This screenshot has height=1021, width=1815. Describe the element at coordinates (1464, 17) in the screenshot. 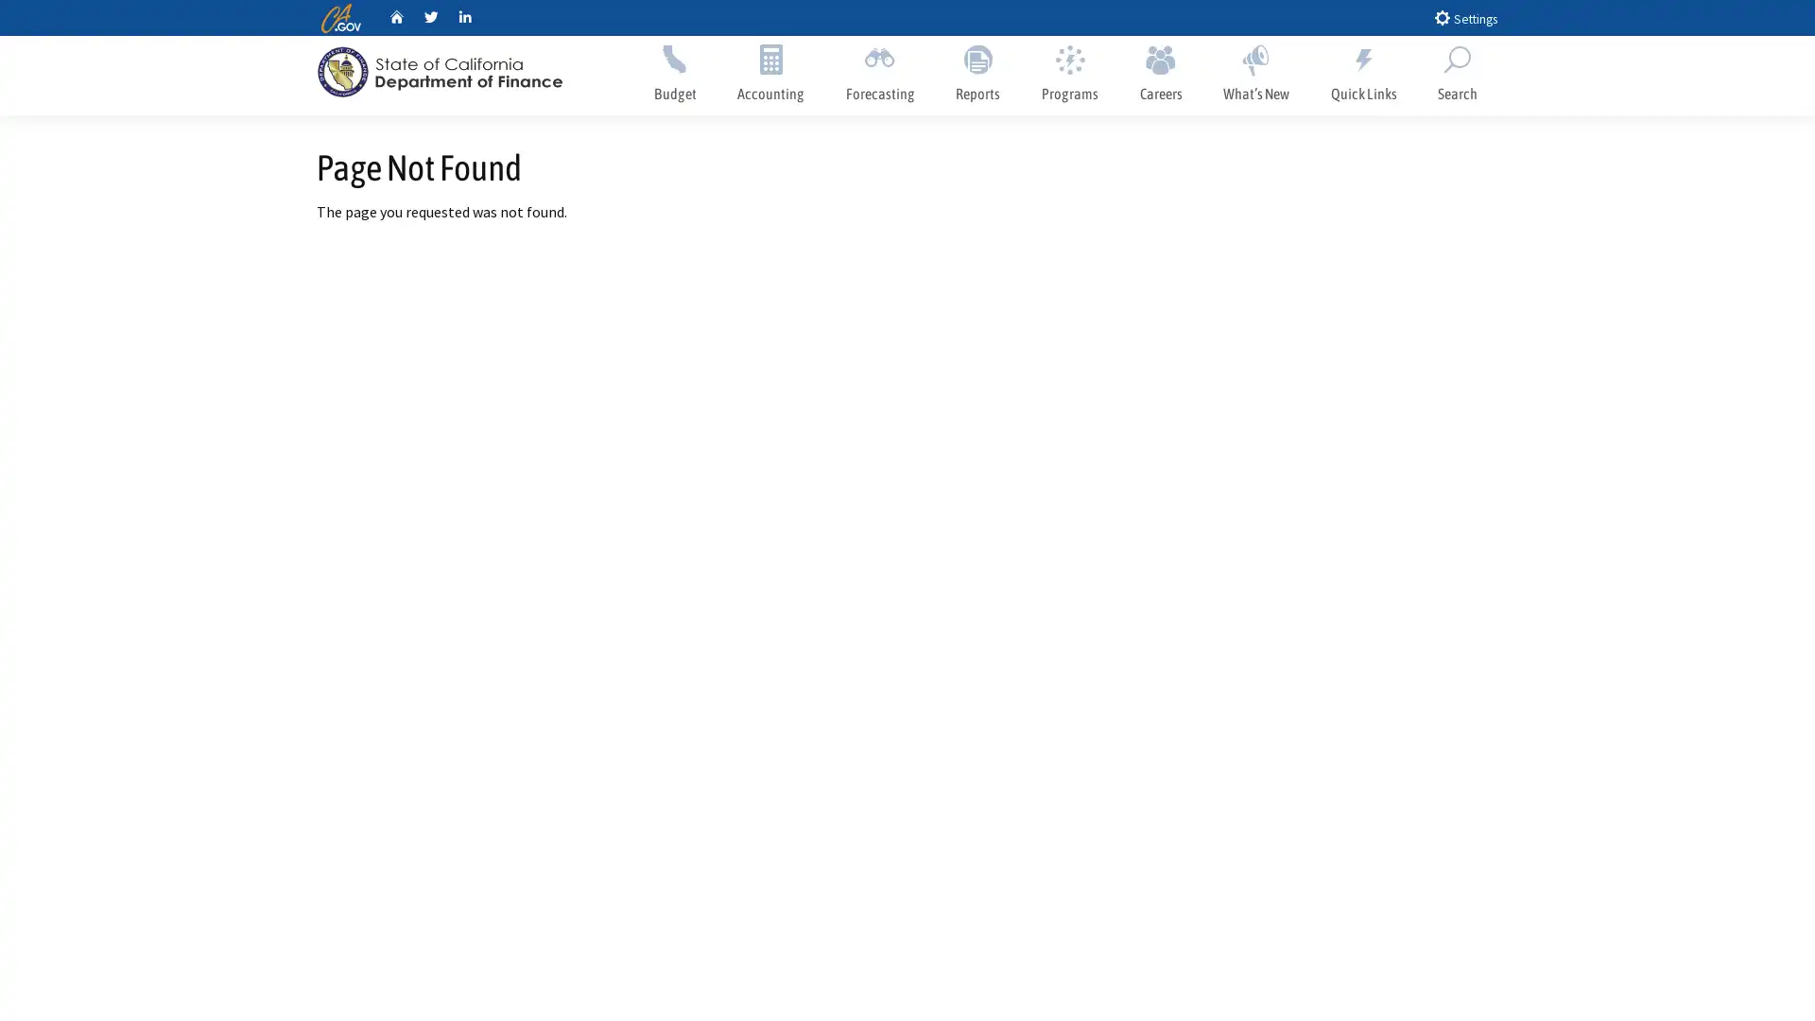

I see `Settings` at that location.